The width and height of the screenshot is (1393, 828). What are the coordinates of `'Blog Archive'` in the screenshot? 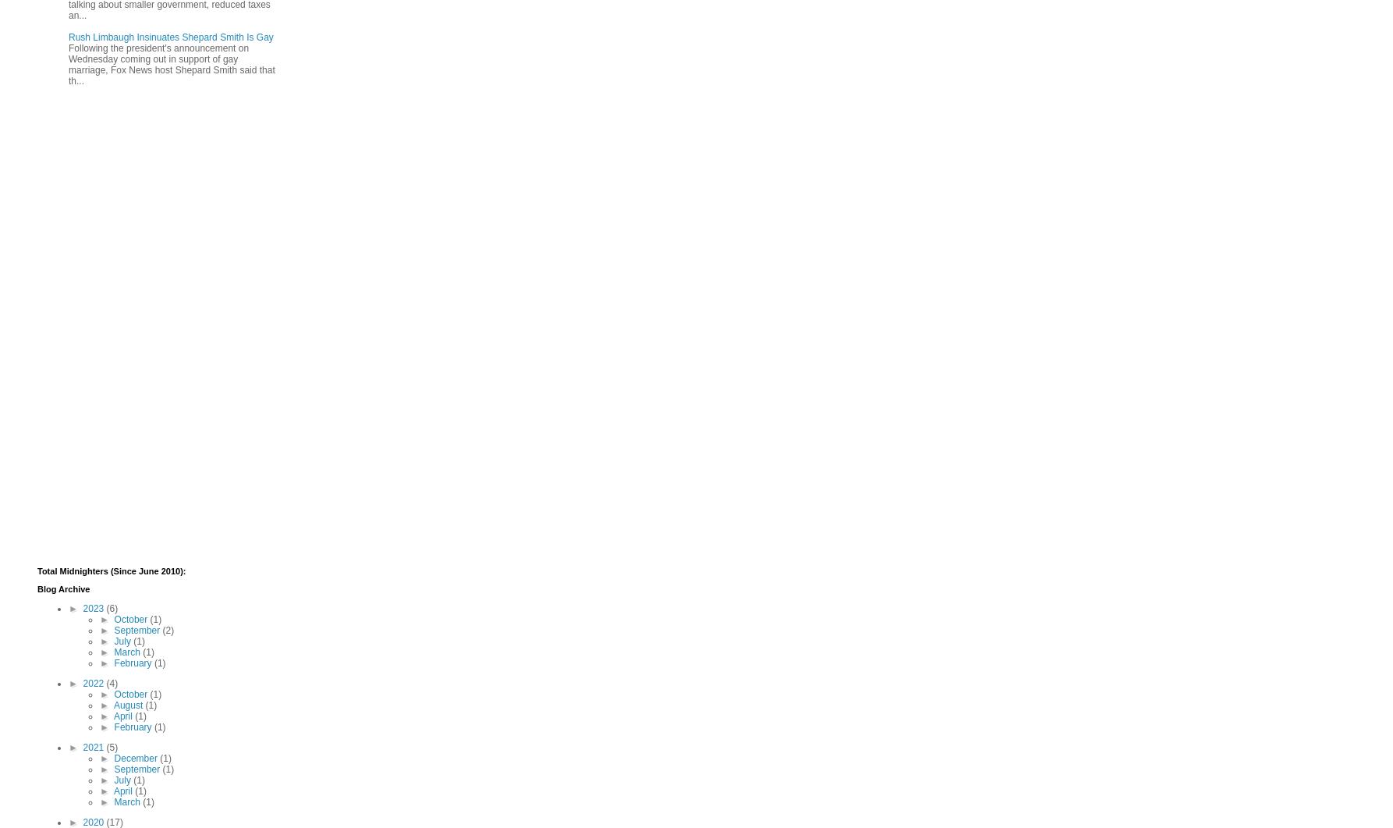 It's located at (63, 588).